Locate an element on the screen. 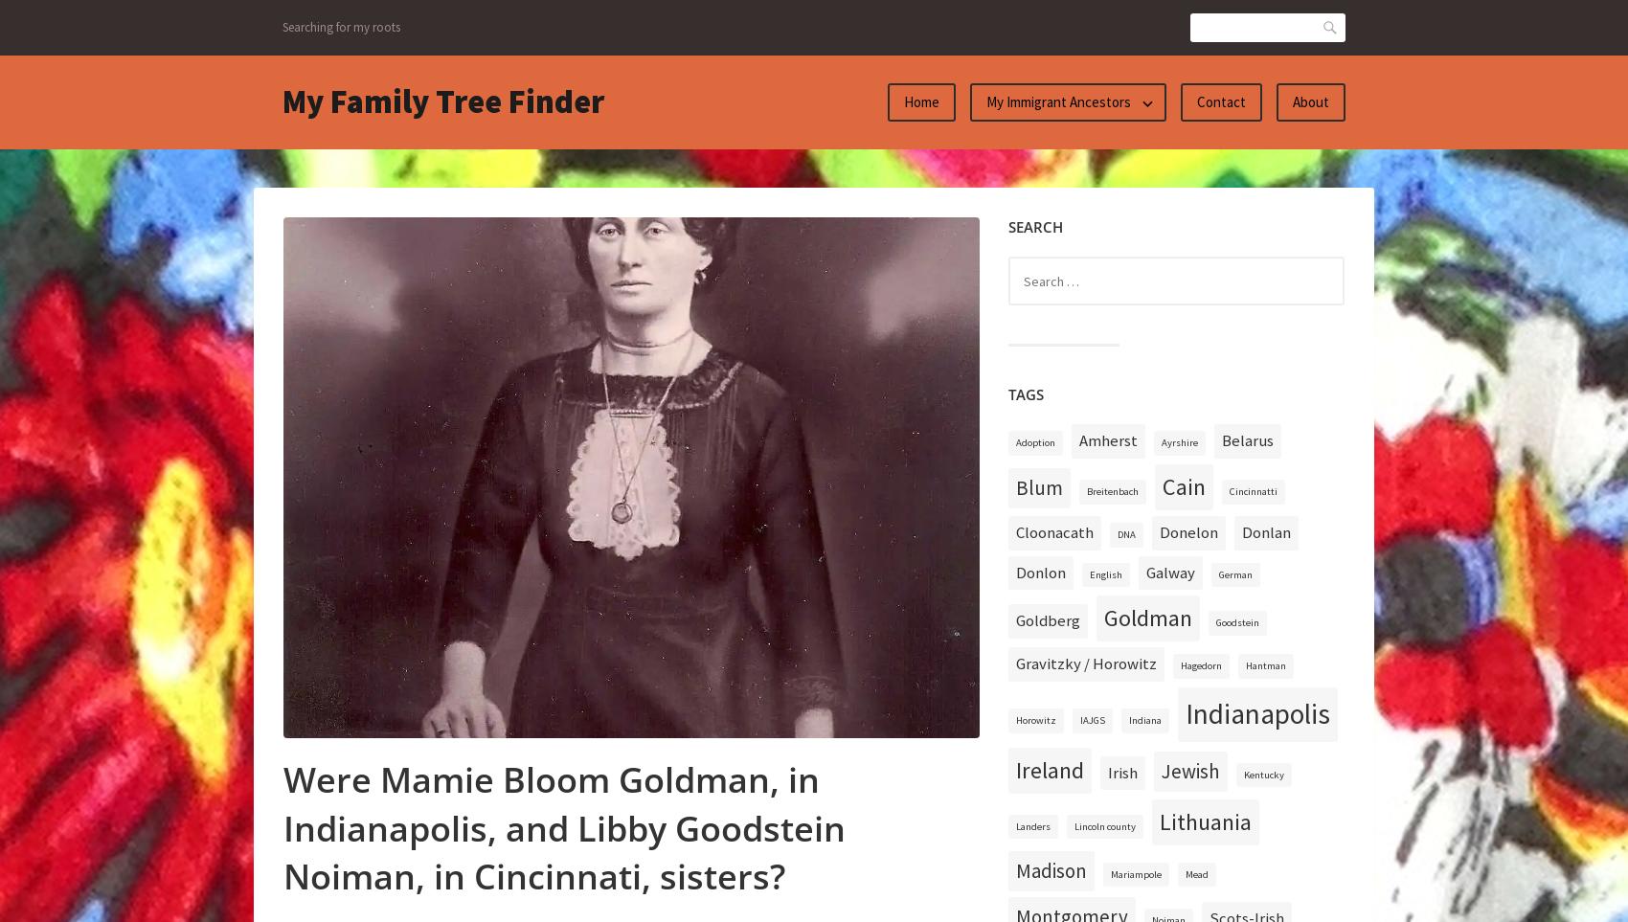 This screenshot has height=922, width=1628. 'Adoption' is located at coordinates (1035, 441).